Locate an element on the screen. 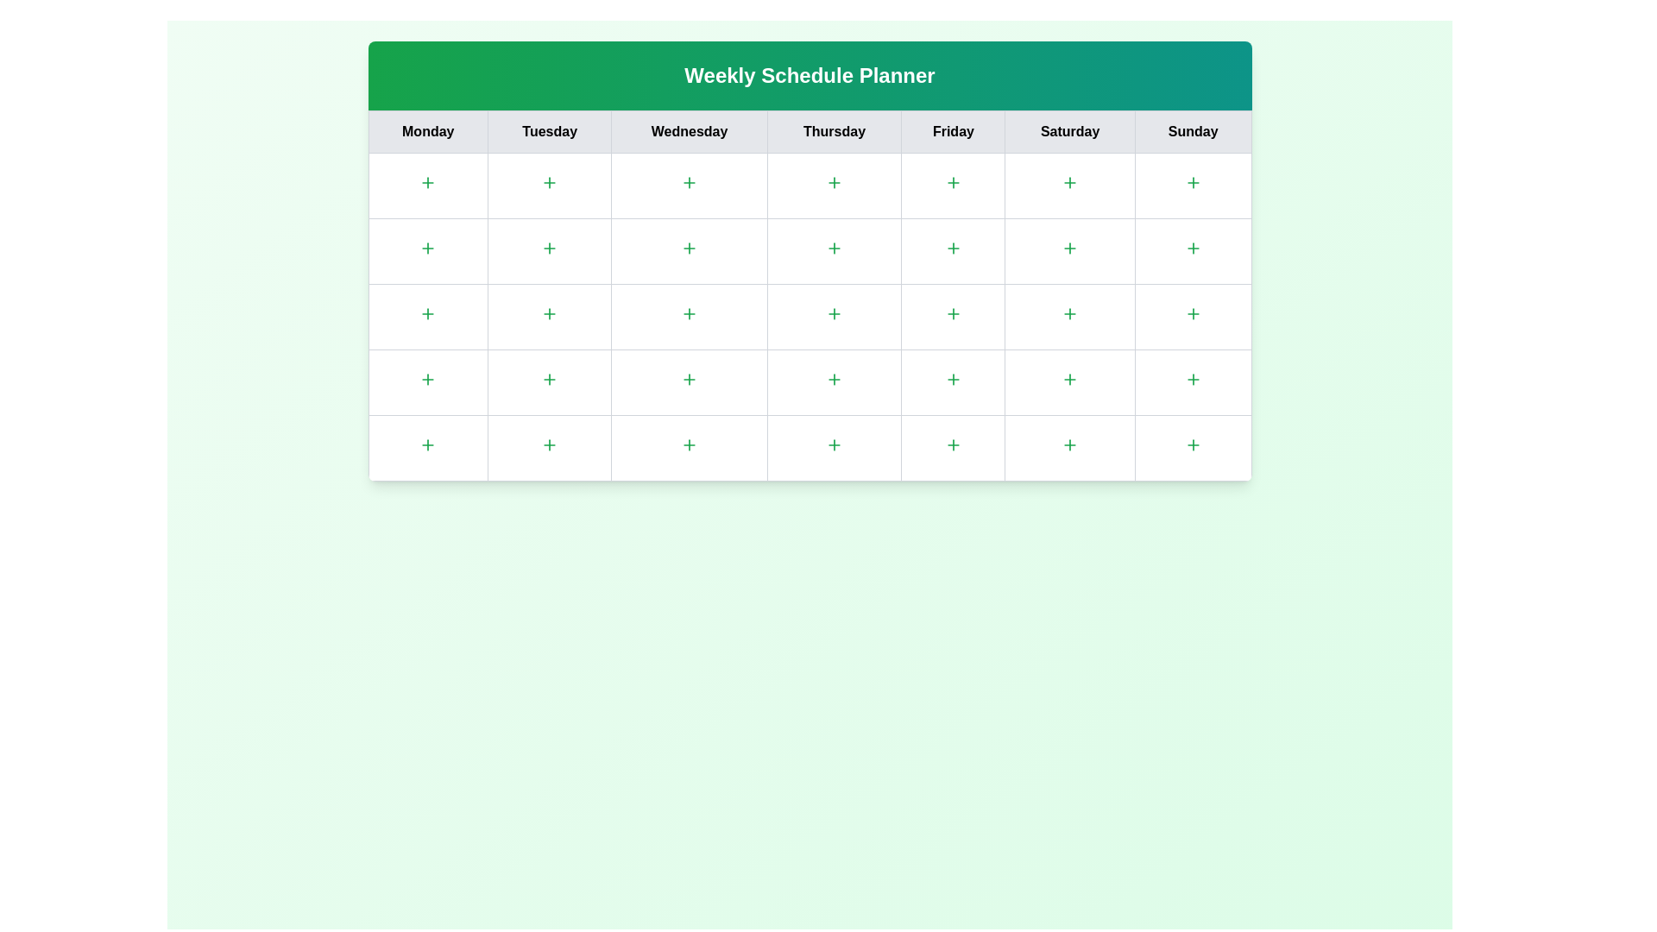 The width and height of the screenshot is (1657, 932). the column header for Thursday is located at coordinates (835, 131).